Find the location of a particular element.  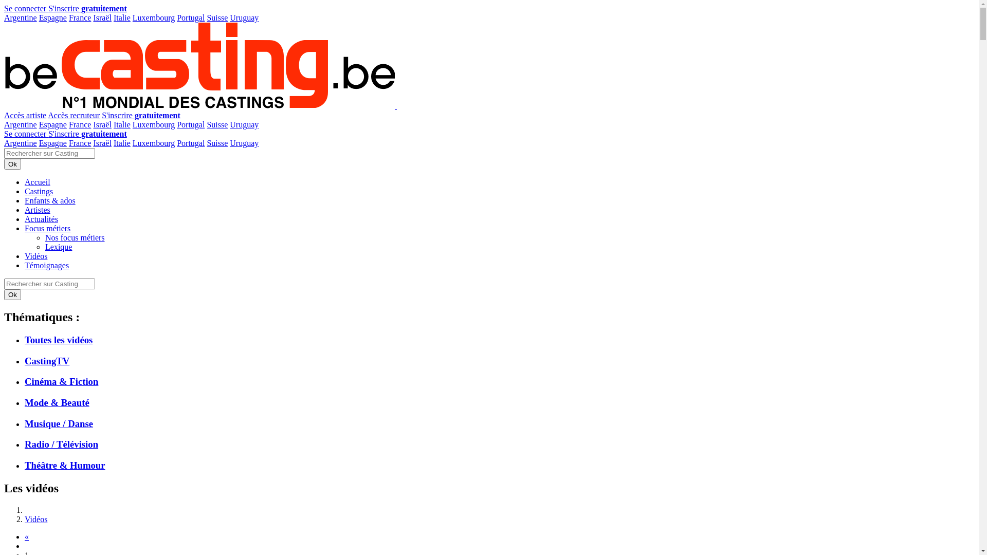

'Luxembourg' is located at coordinates (153, 143).